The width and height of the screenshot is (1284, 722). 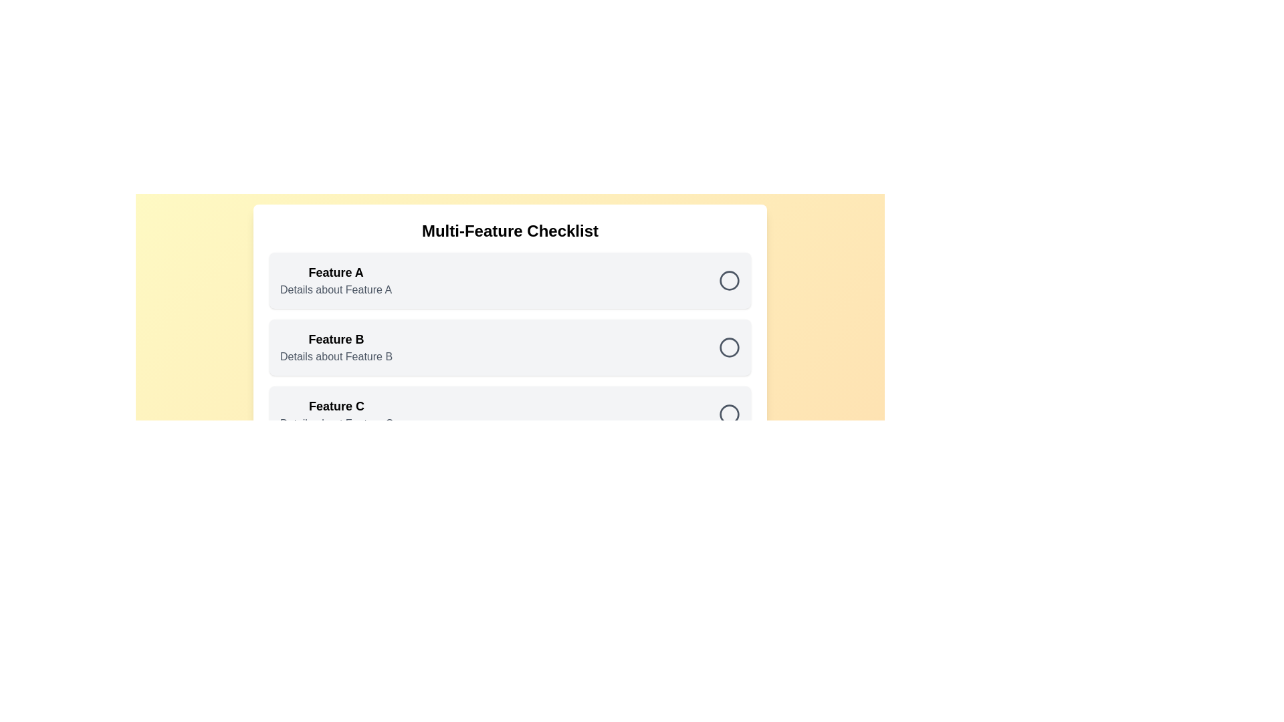 What do you see at coordinates (510, 347) in the screenshot?
I see `the checklist item corresponding to Feature B` at bounding box center [510, 347].